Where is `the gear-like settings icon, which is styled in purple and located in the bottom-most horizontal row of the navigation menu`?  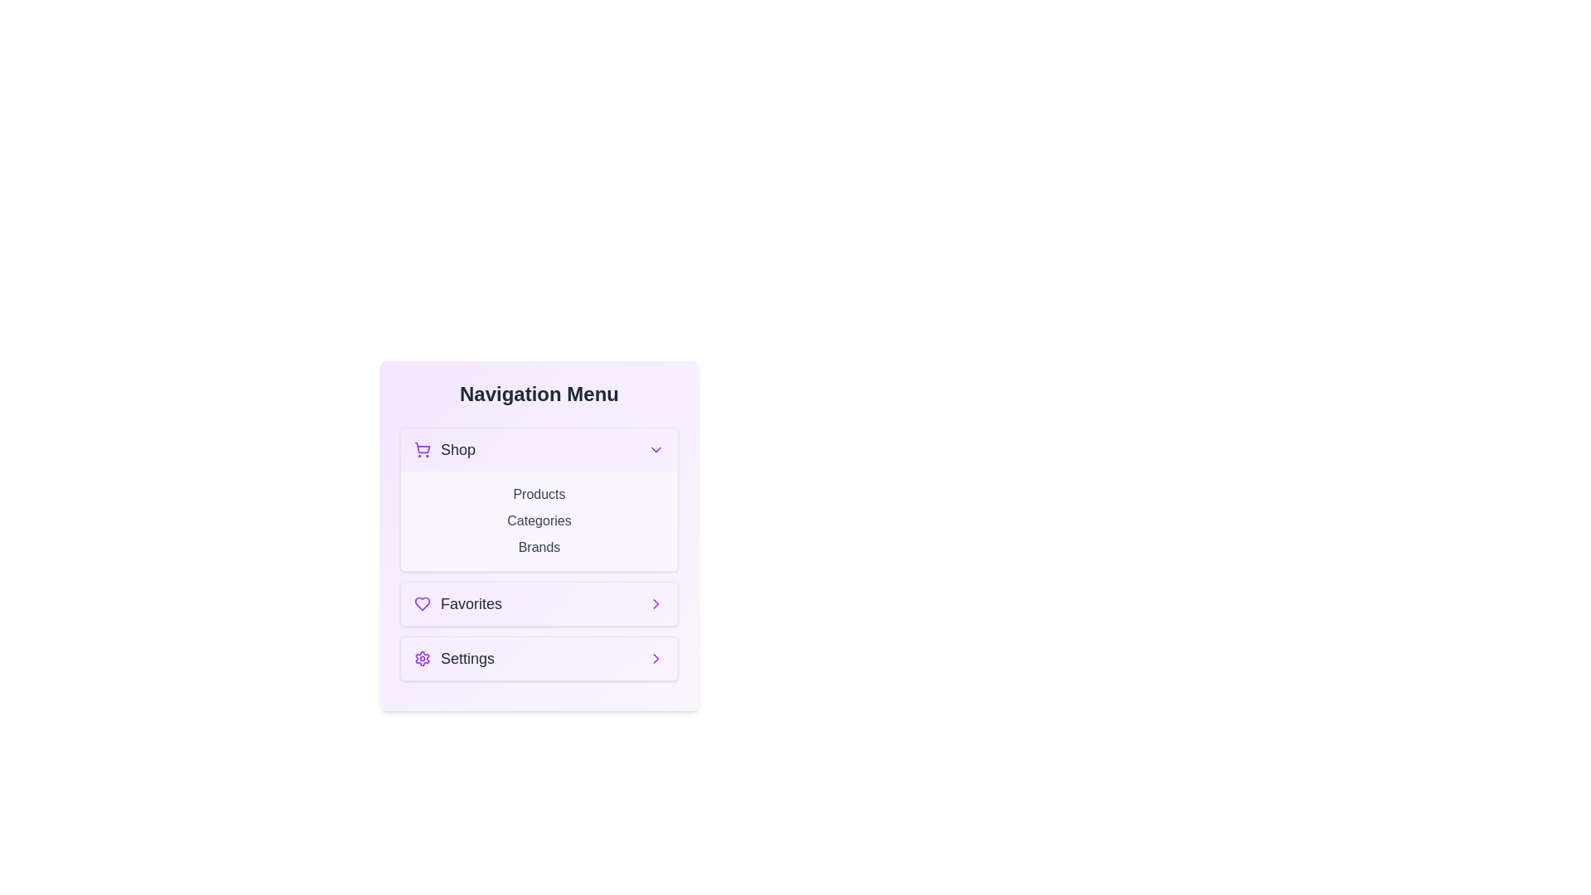 the gear-like settings icon, which is styled in purple and located in the bottom-most horizontal row of the navigation menu is located at coordinates (422, 657).